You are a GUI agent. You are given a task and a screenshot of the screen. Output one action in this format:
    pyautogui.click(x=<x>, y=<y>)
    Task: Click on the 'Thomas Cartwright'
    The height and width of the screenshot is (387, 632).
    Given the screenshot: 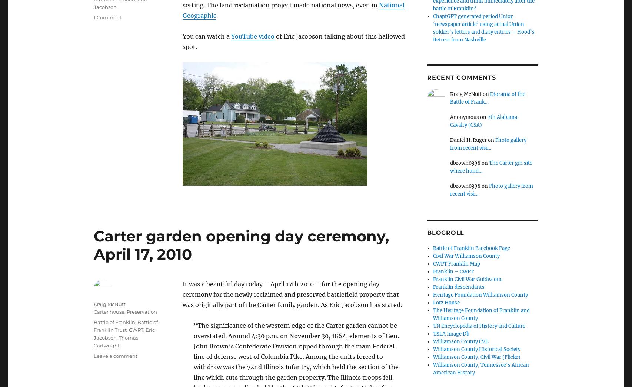 What is the action you would take?
    pyautogui.click(x=116, y=341)
    